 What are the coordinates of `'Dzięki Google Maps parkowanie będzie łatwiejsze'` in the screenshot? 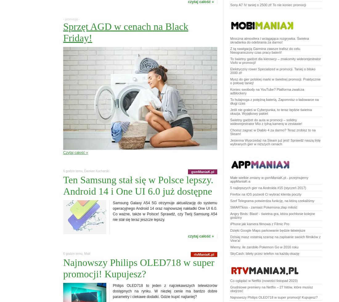 It's located at (267, 230).